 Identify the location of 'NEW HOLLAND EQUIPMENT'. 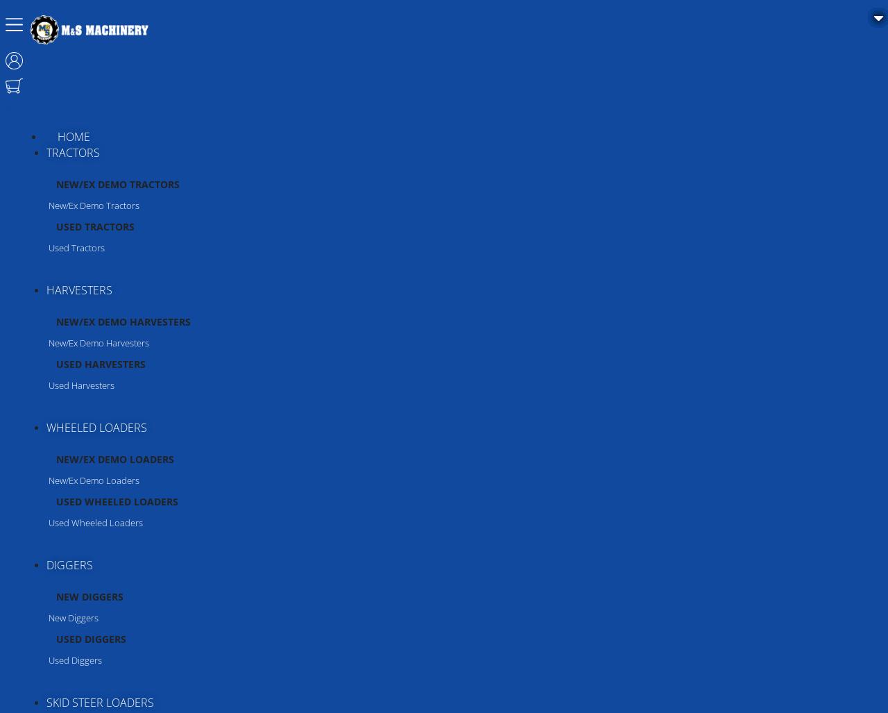
(105, 379).